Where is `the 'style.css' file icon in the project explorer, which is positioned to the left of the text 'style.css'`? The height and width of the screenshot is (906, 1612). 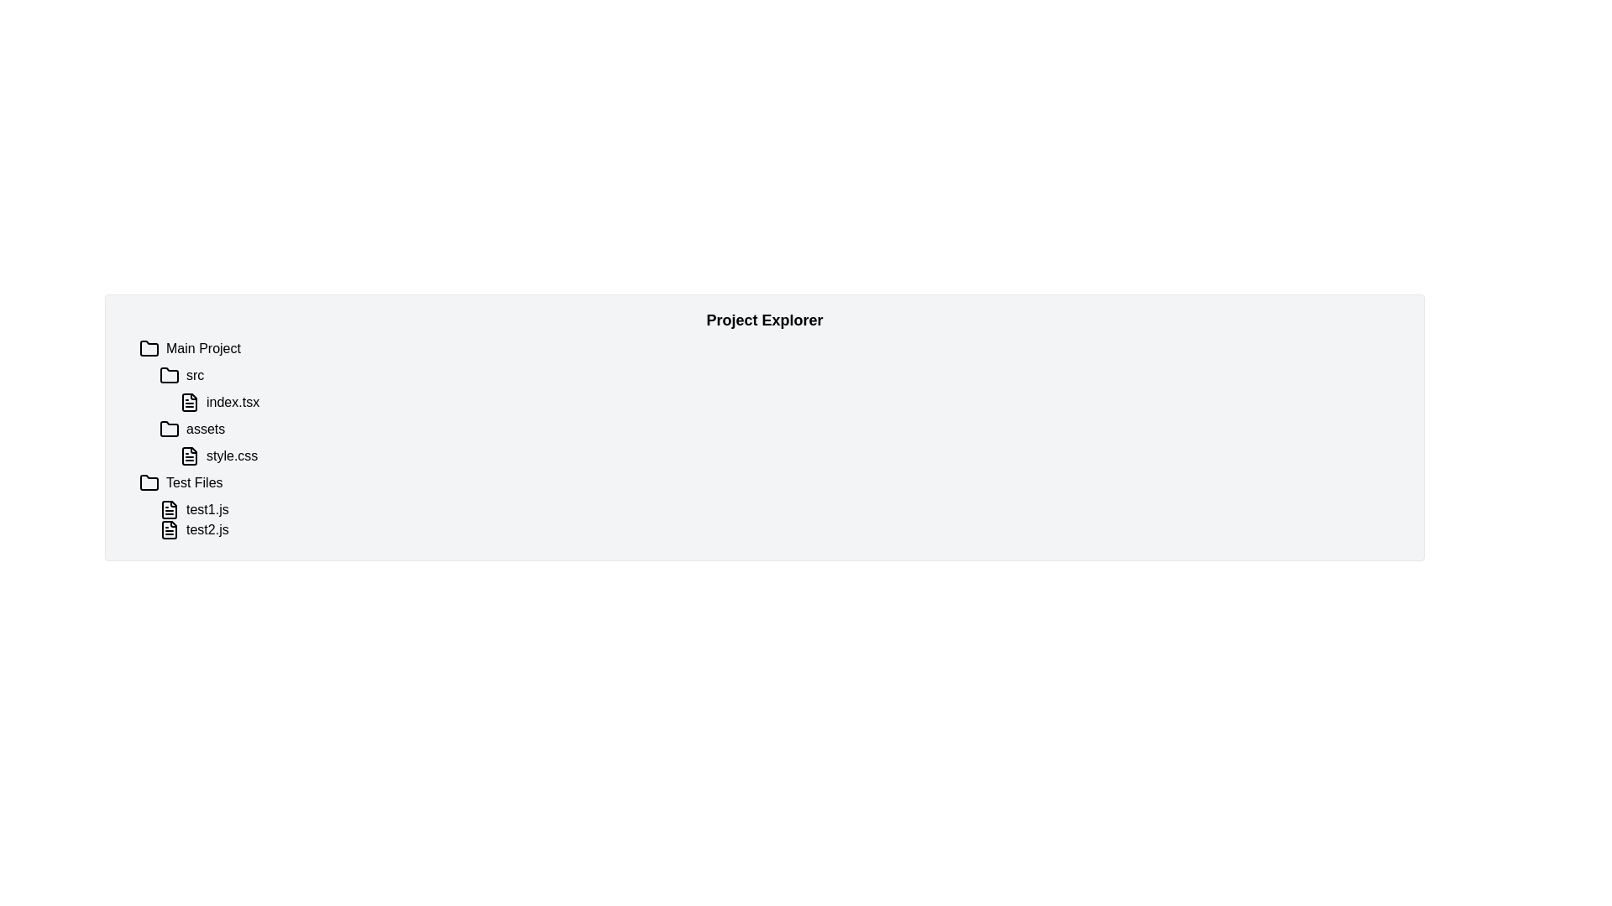
the 'style.css' file icon in the project explorer, which is positioned to the left of the text 'style.css' is located at coordinates (189, 456).